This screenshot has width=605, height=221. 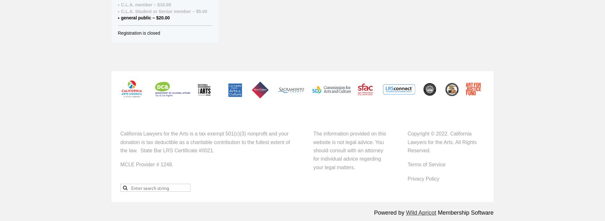 What do you see at coordinates (205, 142) in the screenshot?
I see `'California Lawyers for the Arts is a tax exempt 501(c)(3) nonprofit and your donation is tax deductible as a charitable contribution to the fullest extent of the law.'` at bounding box center [205, 142].